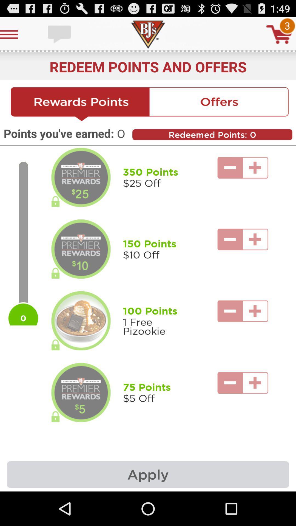  I want to click on redeem points, so click(80, 104).